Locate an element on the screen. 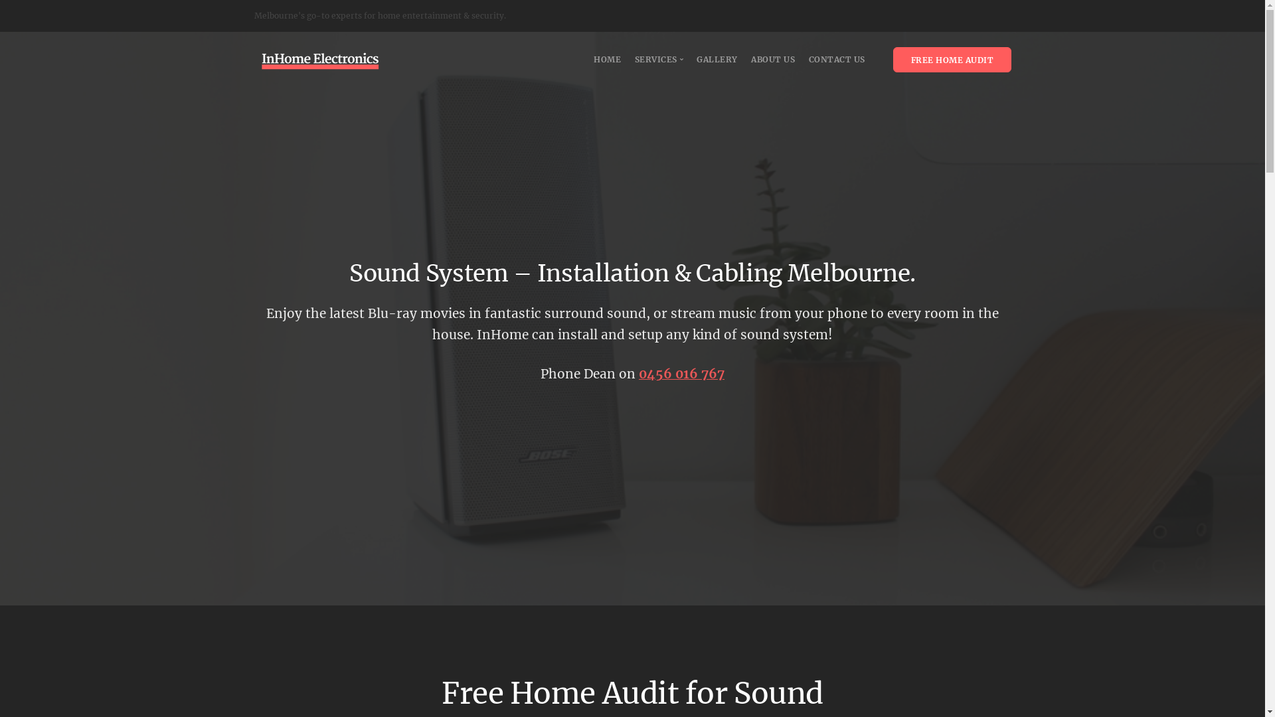 This screenshot has height=717, width=1275. 'ABOUT US' is located at coordinates (751, 58).